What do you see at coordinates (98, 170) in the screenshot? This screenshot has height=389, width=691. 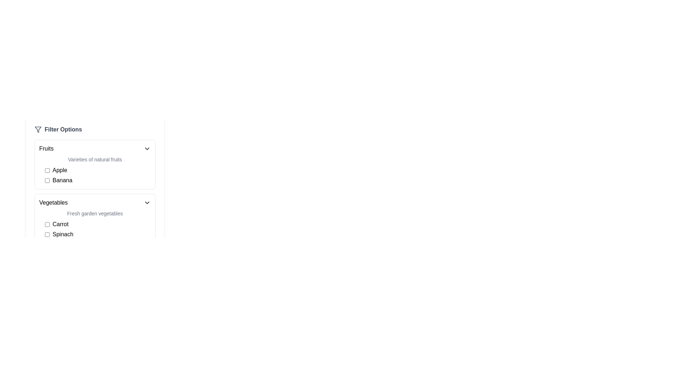 I see `the checkbox labeled 'Apple' under the 'Fruits' category to trigger accessibility feedback` at bounding box center [98, 170].